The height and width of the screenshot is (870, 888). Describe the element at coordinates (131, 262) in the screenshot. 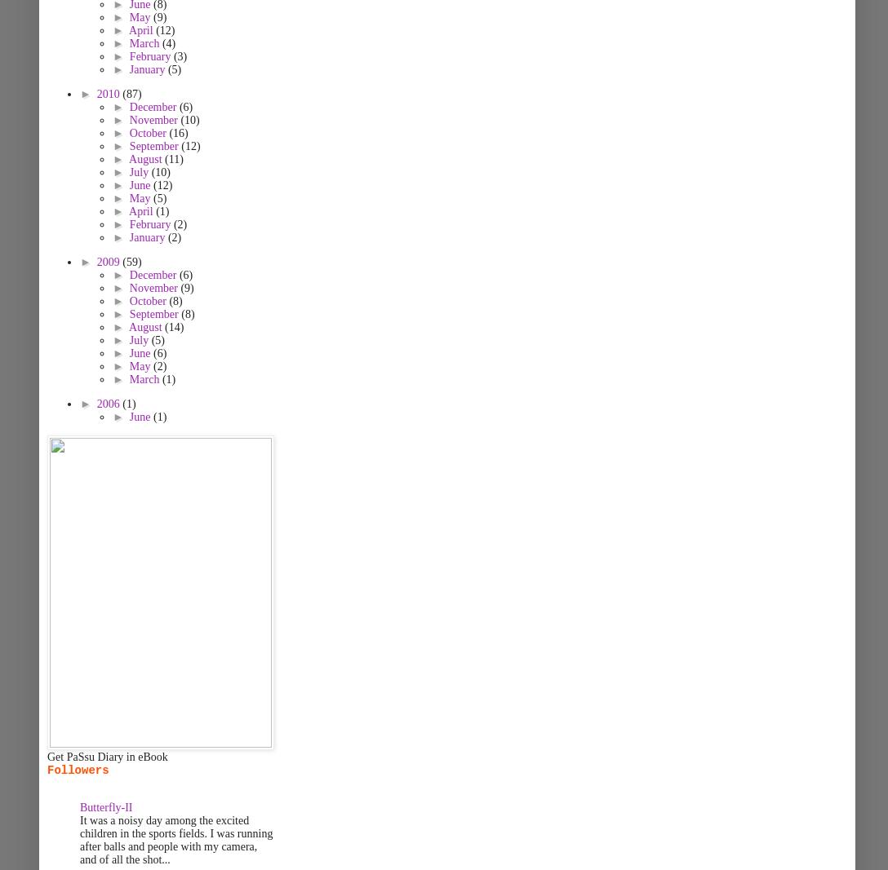

I see `'(59)'` at that location.